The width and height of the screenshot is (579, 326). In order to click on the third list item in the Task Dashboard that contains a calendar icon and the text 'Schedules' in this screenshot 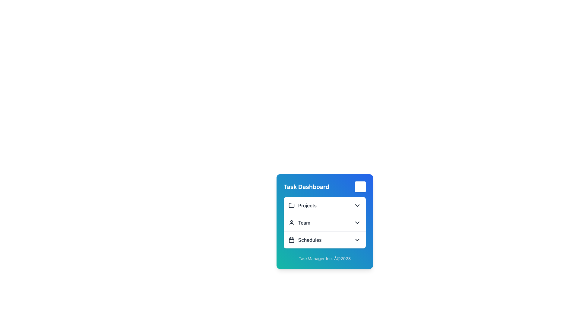, I will do `click(305, 239)`.